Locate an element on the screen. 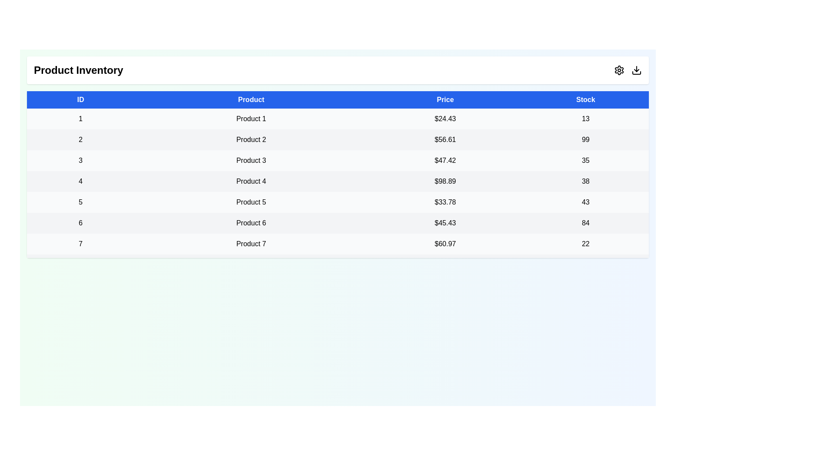 The height and width of the screenshot is (469, 835). the header button download is located at coordinates (637, 70).